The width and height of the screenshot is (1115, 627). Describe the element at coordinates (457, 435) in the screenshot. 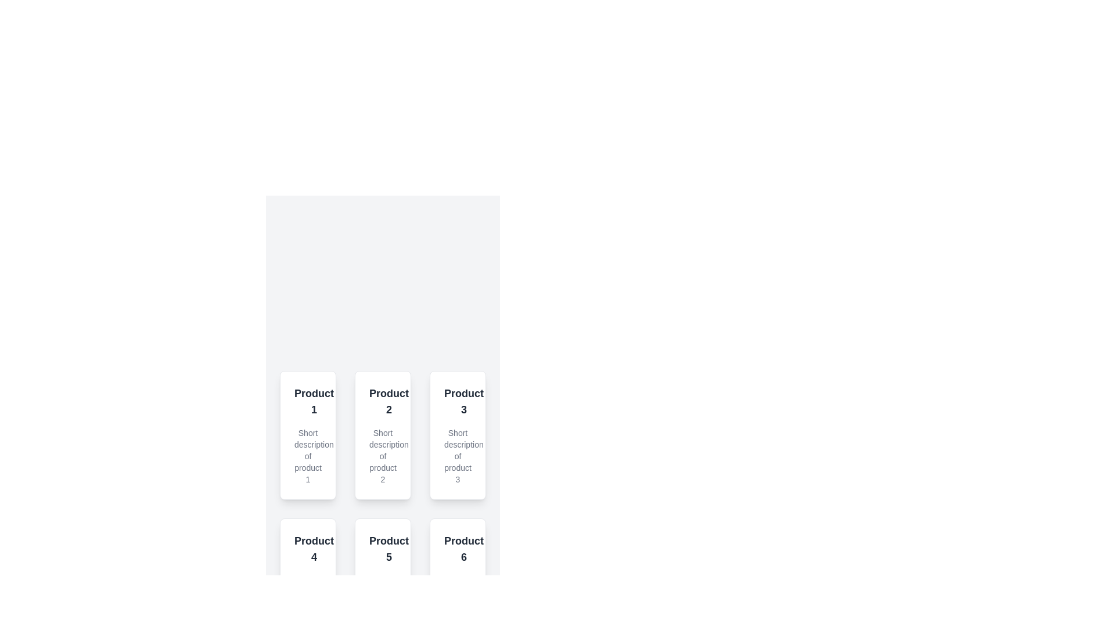

I see `the rectangular card element with rounded corners and a white background that contains the text 'Product 3' at the top` at that location.